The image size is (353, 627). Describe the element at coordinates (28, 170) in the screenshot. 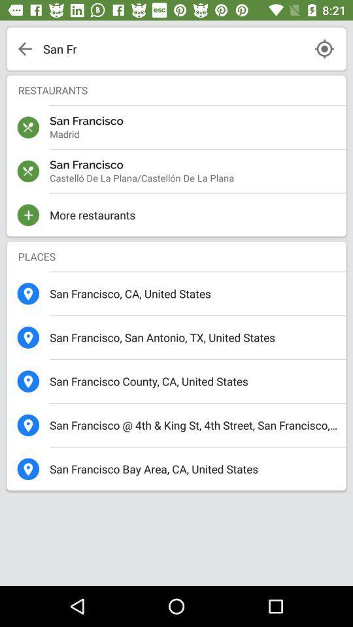

I see `the icon which is above the plus icon` at that location.